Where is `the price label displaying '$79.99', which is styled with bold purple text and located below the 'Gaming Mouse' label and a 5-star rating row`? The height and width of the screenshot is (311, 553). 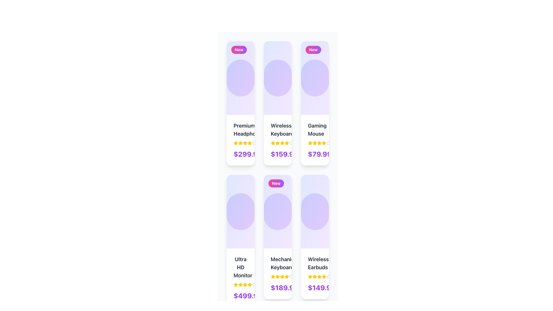 the price label displaying '$79.99', which is styled with bold purple text and located below the 'Gaming Mouse' label and a 5-star rating row is located at coordinates (315, 154).